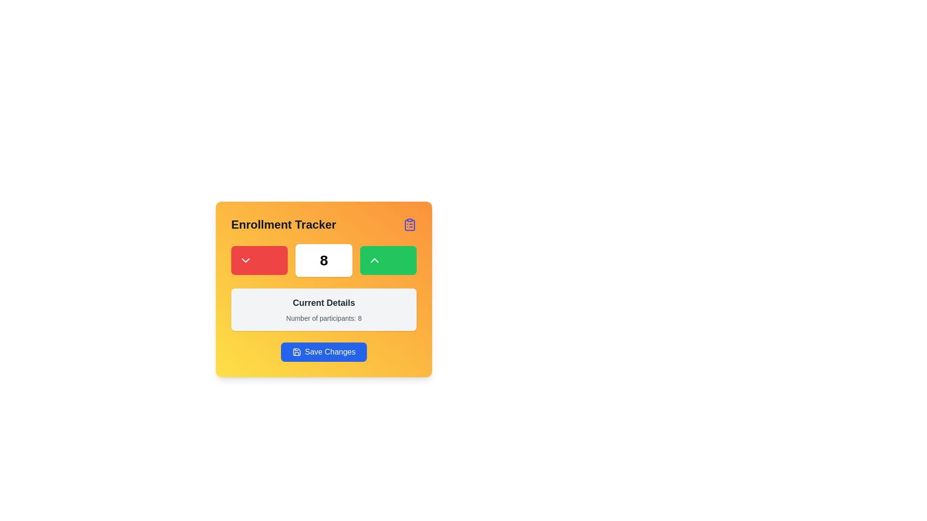 Image resolution: width=927 pixels, height=521 pixels. What do you see at coordinates (324, 260) in the screenshot?
I see `the non-interactive numerical display showing the number '8' in a bold and large font within a white box, centrally located in the grid layout` at bounding box center [324, 260].